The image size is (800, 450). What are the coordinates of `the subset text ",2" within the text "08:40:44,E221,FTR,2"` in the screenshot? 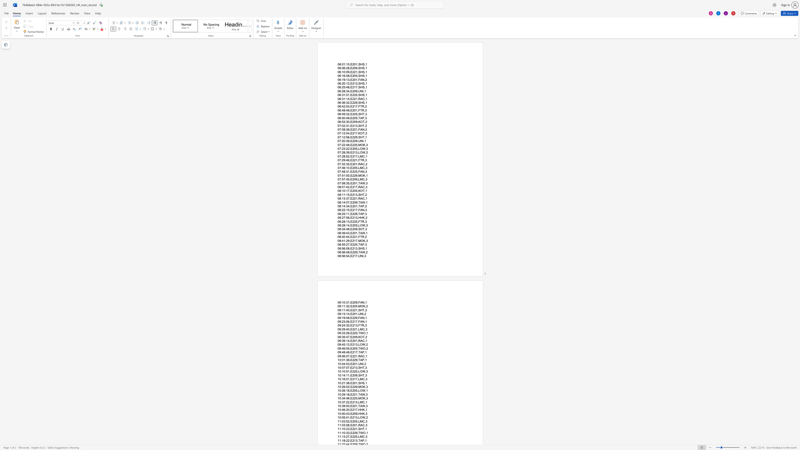 It's located at (364, 237).